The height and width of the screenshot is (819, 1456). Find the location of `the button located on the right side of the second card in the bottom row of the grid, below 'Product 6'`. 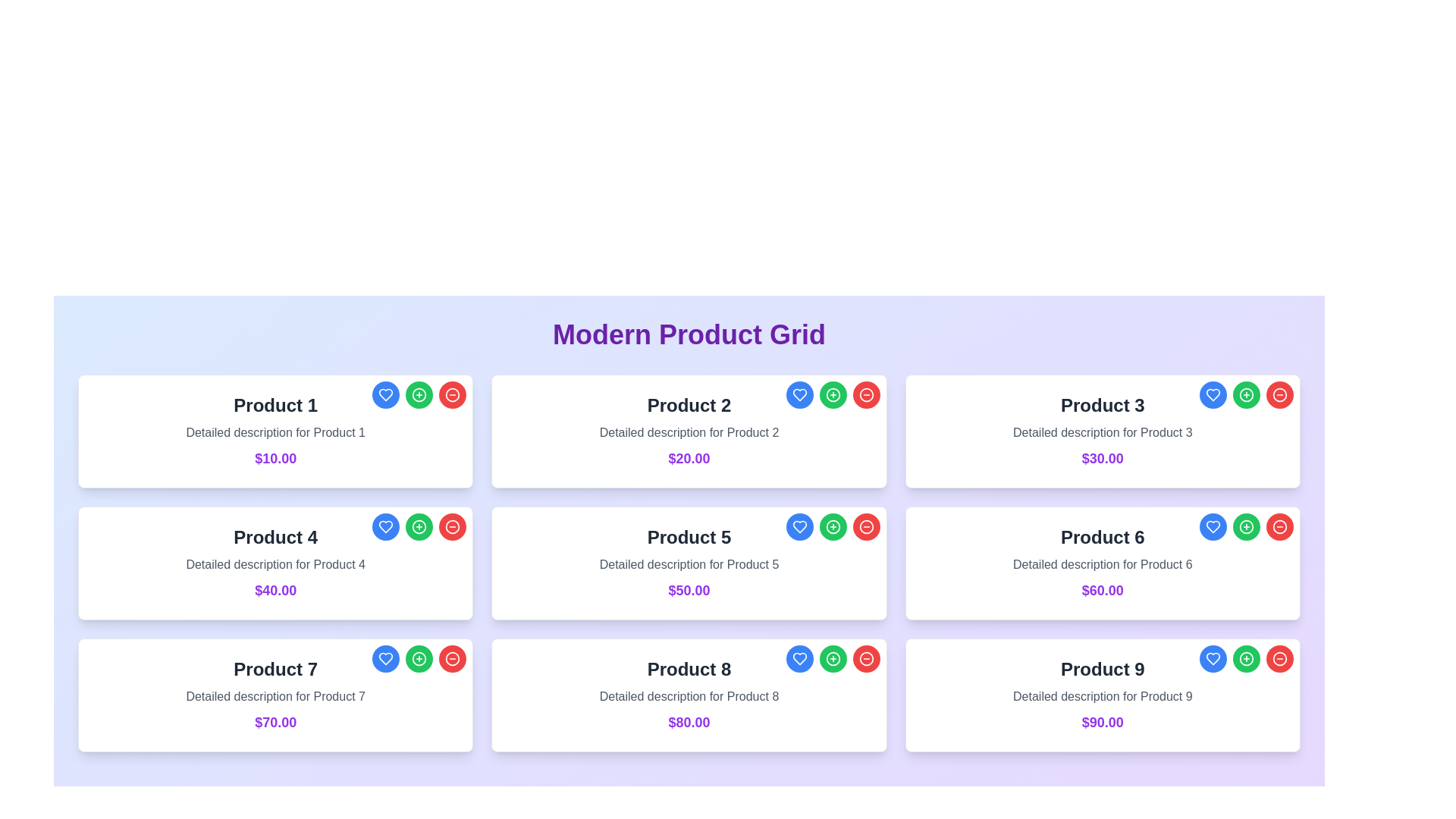

the button located on the right side of the second card in the bottom row of the grid, below 'Product 6' is located at coordinates (1246, 526).